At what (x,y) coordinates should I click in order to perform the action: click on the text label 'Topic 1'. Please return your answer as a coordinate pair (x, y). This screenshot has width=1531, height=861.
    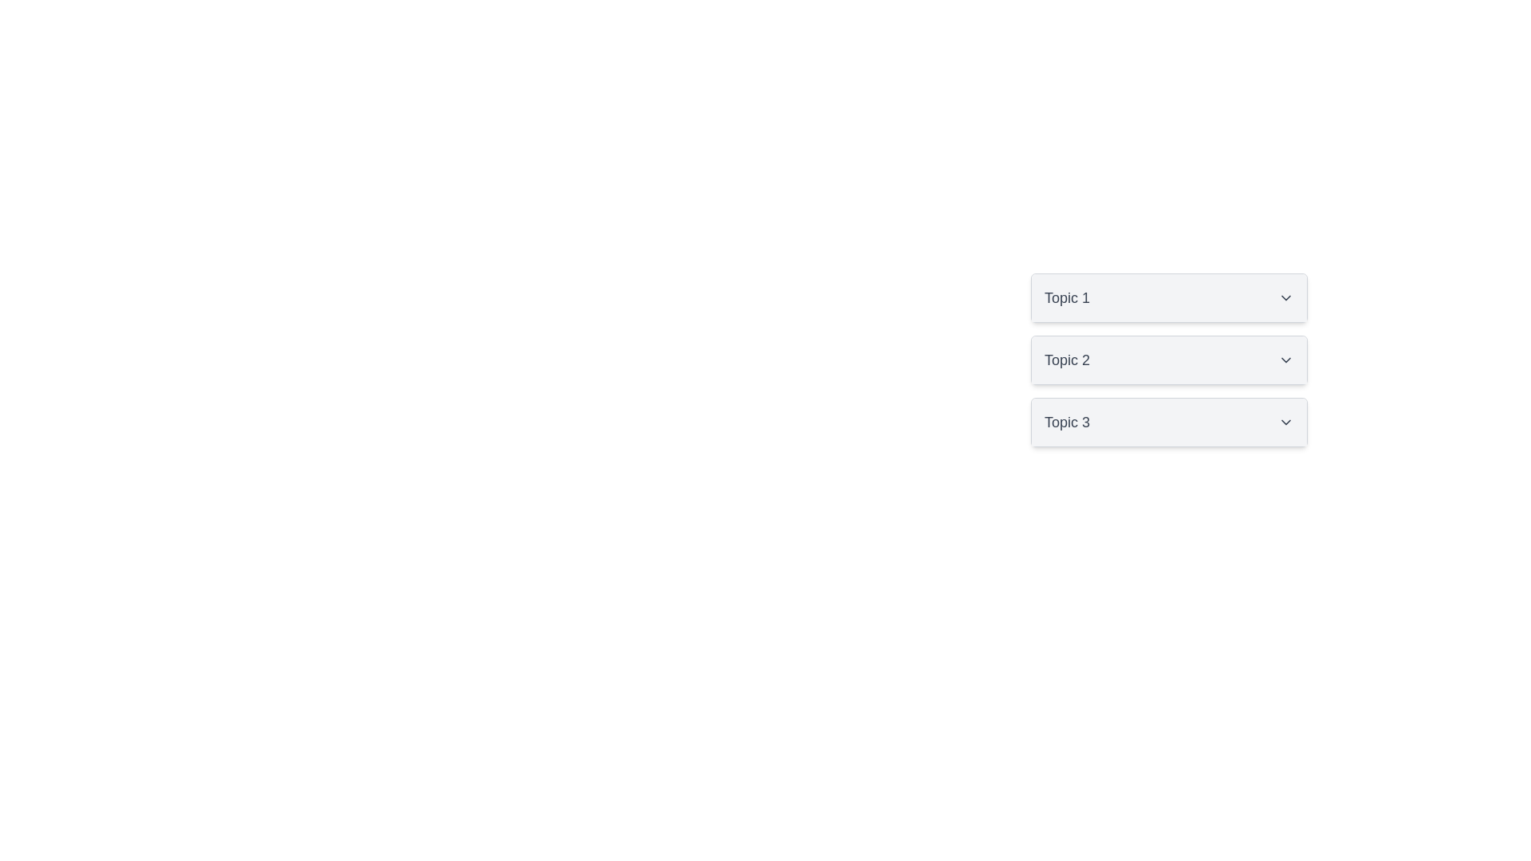
    Looking at the image, I should click on (1067, 298).